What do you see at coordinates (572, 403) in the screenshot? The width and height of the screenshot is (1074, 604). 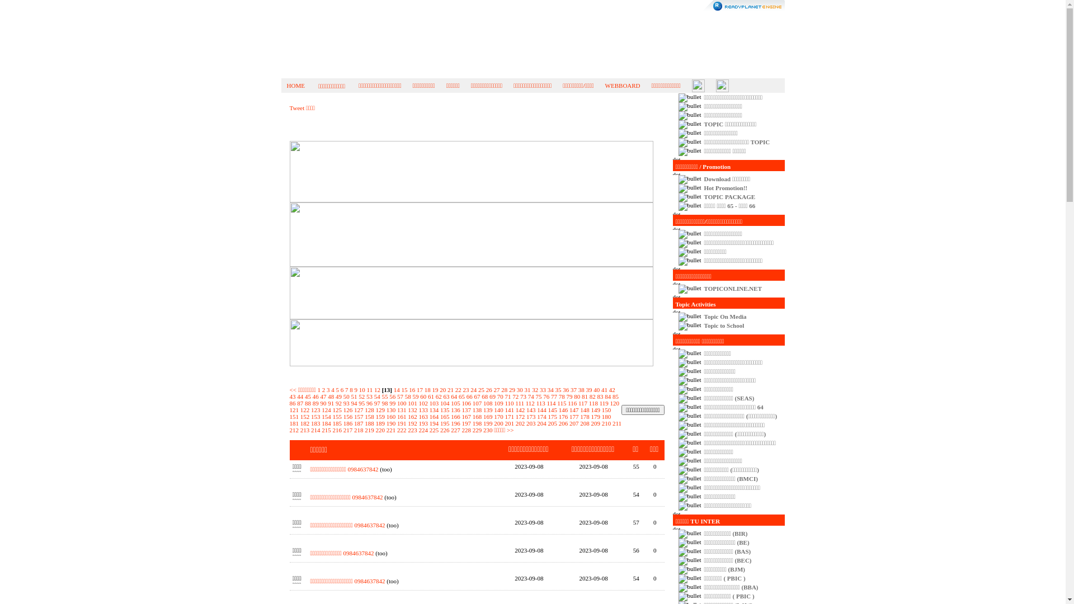 I see `'116'` at bounding box center [572, 403].